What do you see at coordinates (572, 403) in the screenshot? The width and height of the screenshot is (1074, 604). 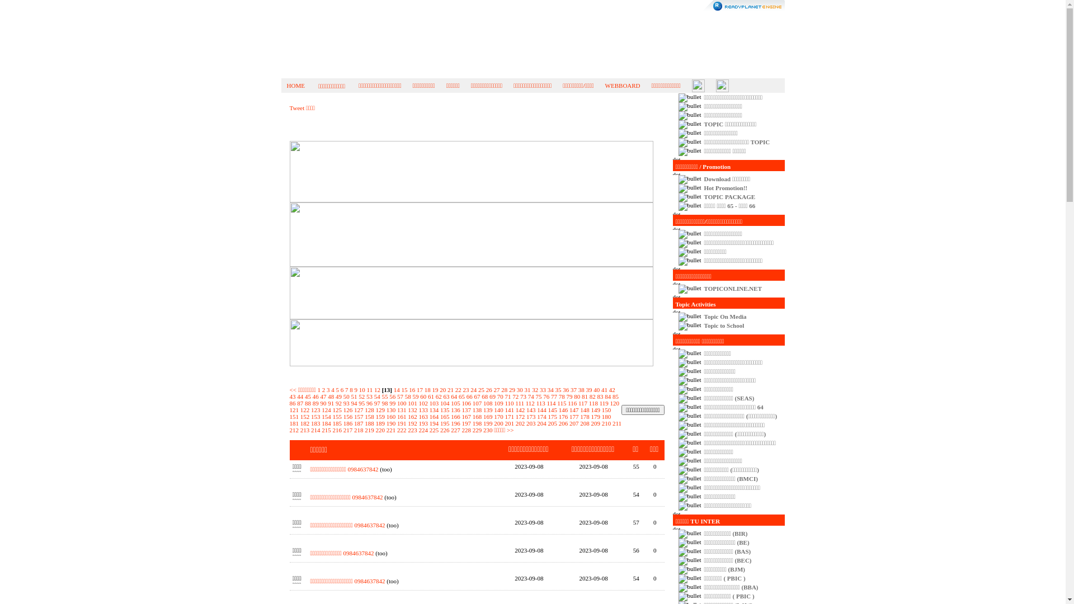 I see `'116'` at bounding box center [572, 403].